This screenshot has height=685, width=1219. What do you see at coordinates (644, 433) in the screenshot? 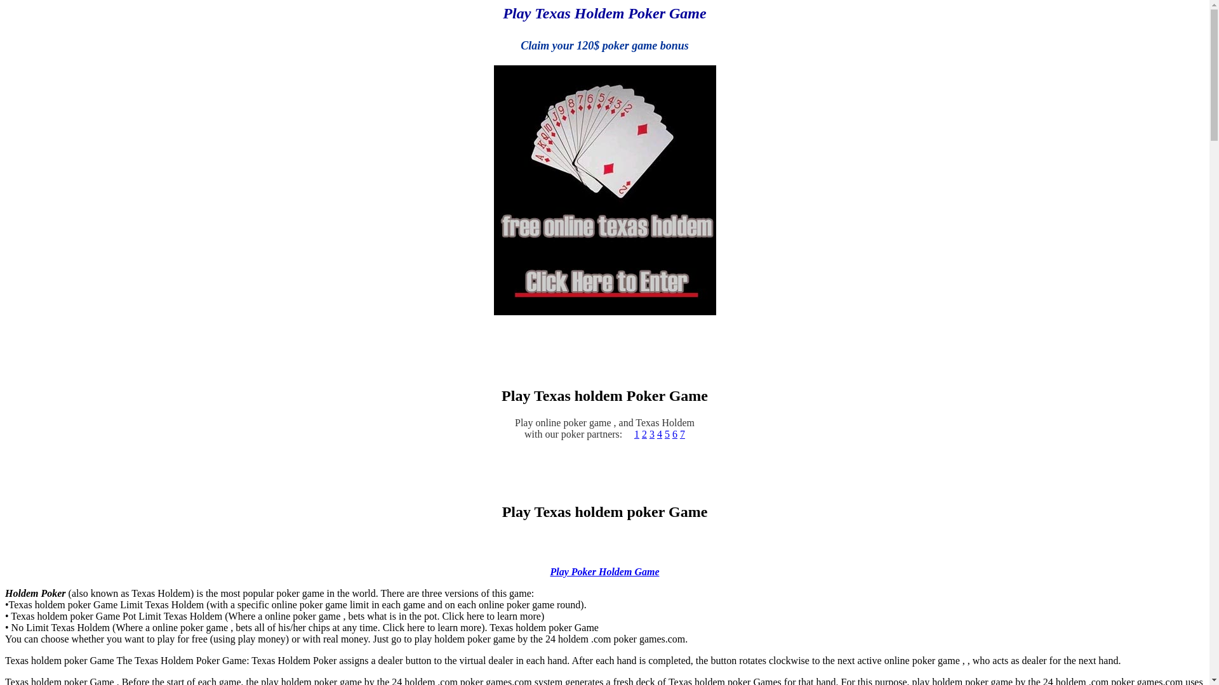
I see `'2'` at bounding box center [644, 433].